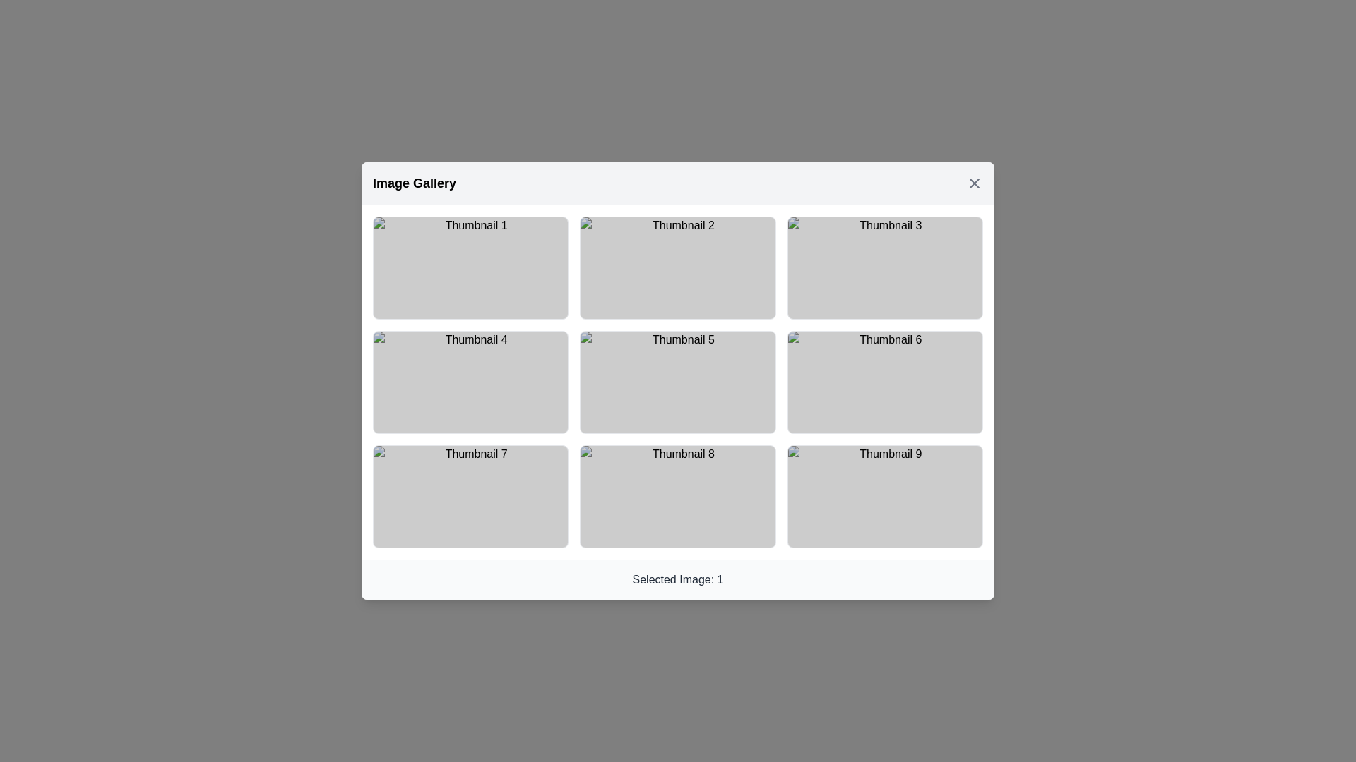 The image size is (1356, 762). What do you see at coordinates (470, 496) in the screenshot?
I see `the state of the green checkmark icon surrounded by a circle, which is located in the center of the seventh thumbnail in a grid of nine thumbnails` at bounding box center [470, 496].